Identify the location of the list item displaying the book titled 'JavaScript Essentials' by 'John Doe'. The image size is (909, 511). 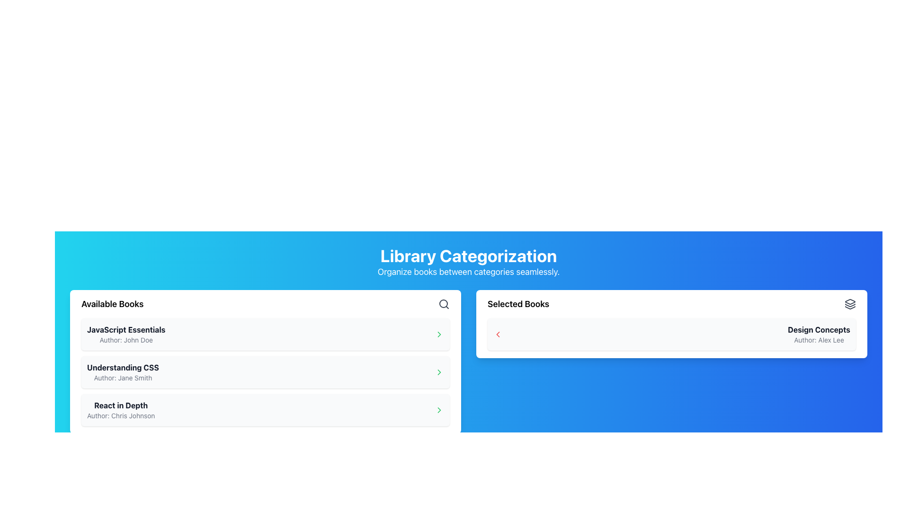
(265, 334).